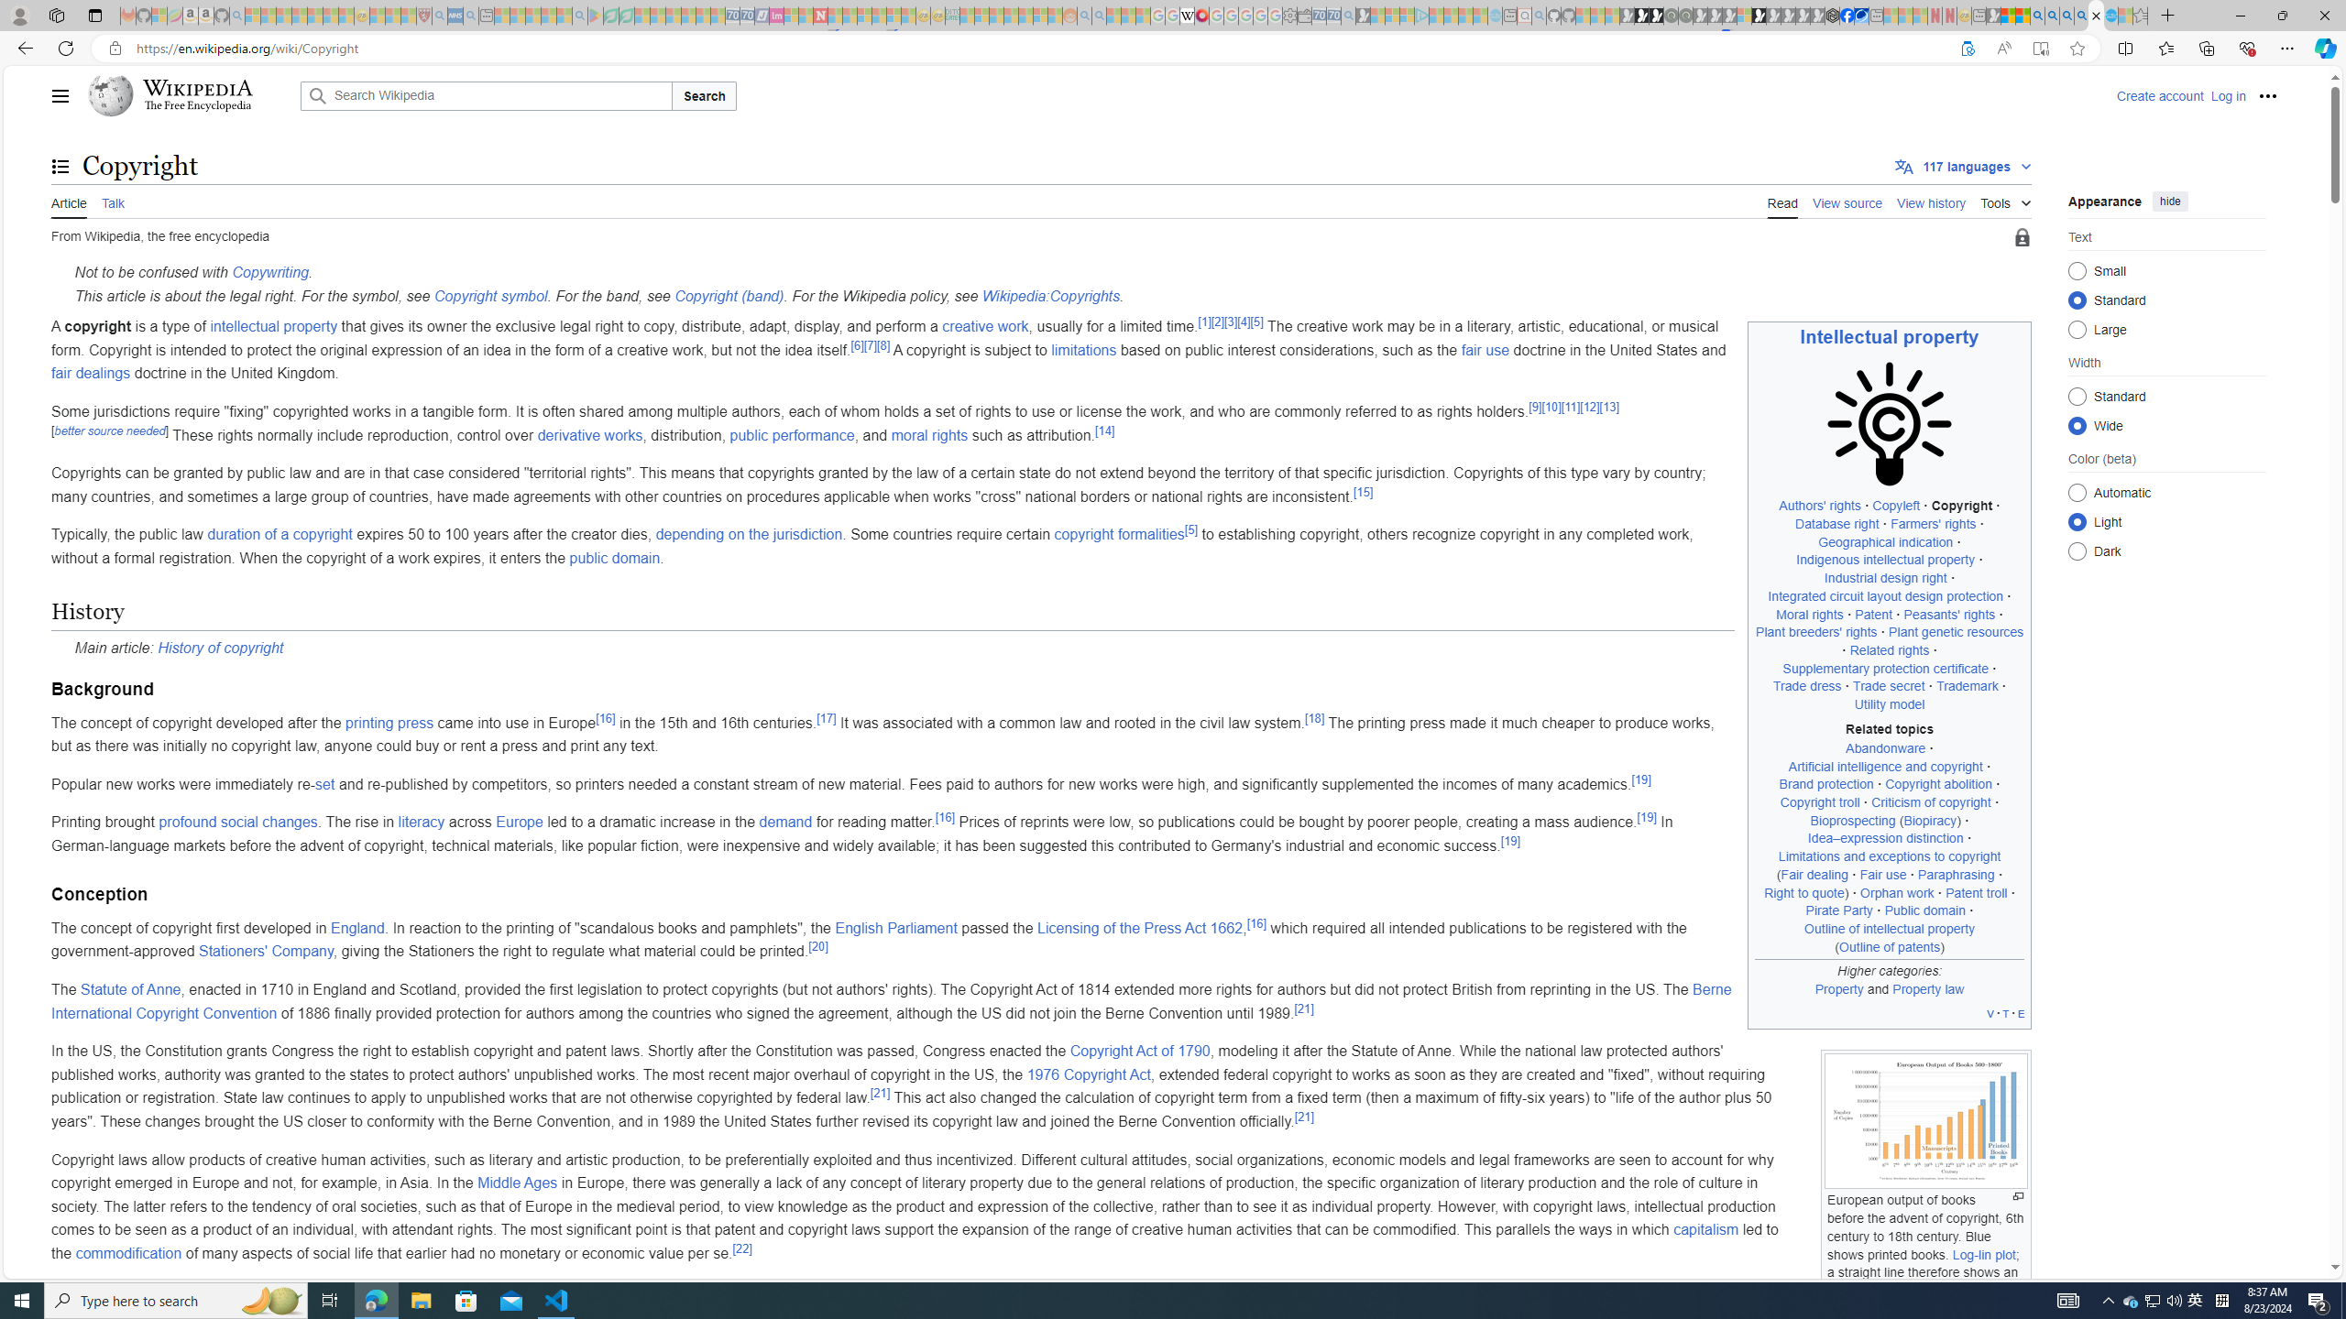 Image resolution: width=2346 pixels, height=1319 pixels. Describe the element at coordinates (1890, 856) in the screenshot. I see `'Limitations and exceptions to copyright'` at that location.